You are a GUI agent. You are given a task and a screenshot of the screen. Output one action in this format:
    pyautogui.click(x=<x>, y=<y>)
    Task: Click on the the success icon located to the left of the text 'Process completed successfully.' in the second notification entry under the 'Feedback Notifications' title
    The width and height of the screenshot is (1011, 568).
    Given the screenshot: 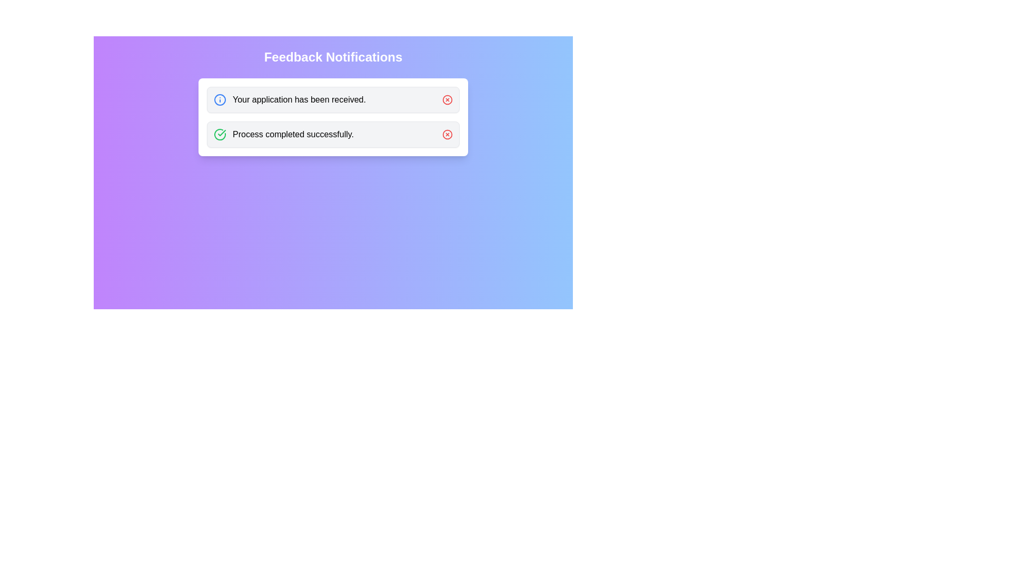 What is the action you would take?
    pyautogui.click(x=219, y=134)
    